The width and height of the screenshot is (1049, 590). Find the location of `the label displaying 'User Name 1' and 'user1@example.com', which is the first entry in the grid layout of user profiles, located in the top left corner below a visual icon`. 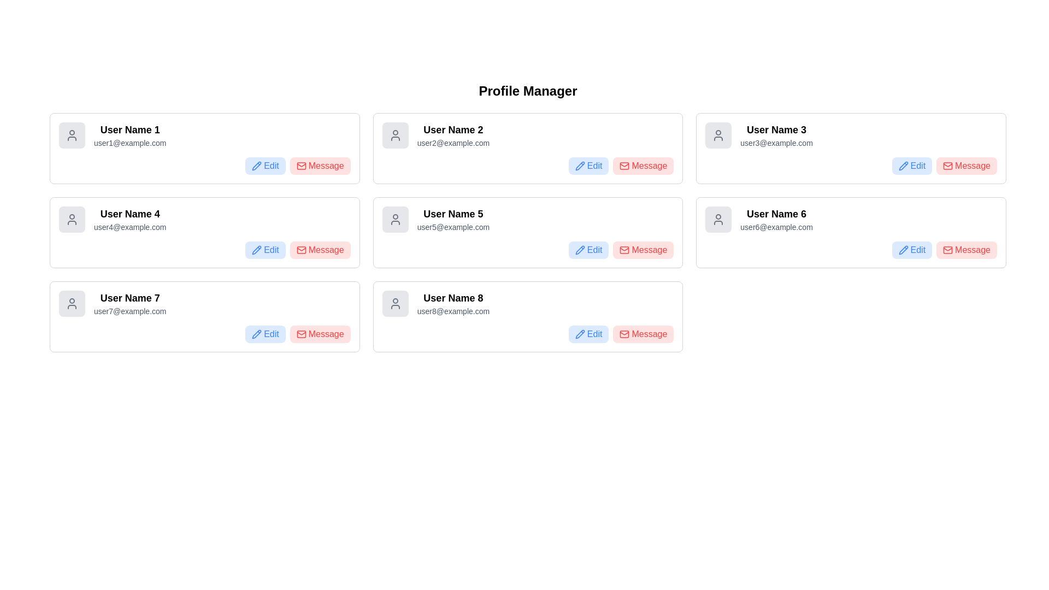

the label displaying 'User Name 1' and 'user1@example.com', which is the first entry in the grid layout of user profiles, located in the top left corner below a visual icon is located at coordinates (130, 134).